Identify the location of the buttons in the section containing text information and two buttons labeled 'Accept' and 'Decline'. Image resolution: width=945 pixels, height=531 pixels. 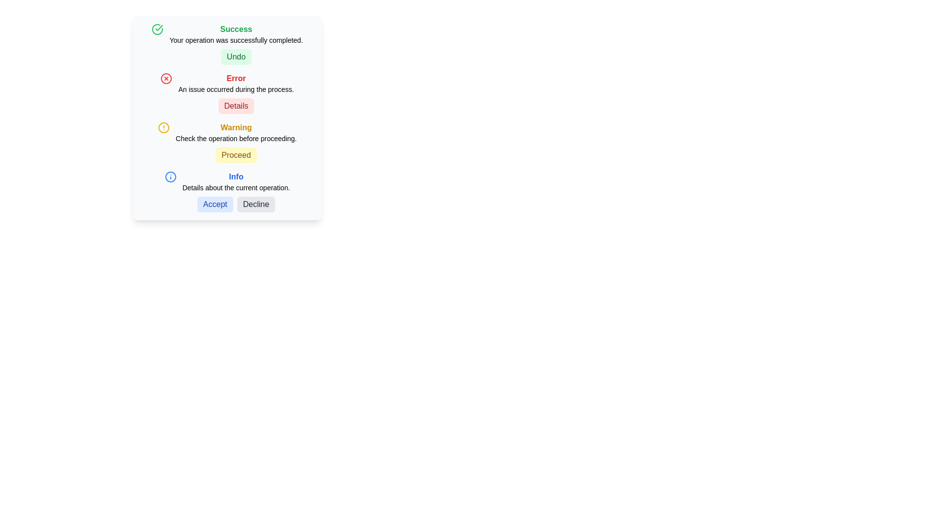
(236, 191).